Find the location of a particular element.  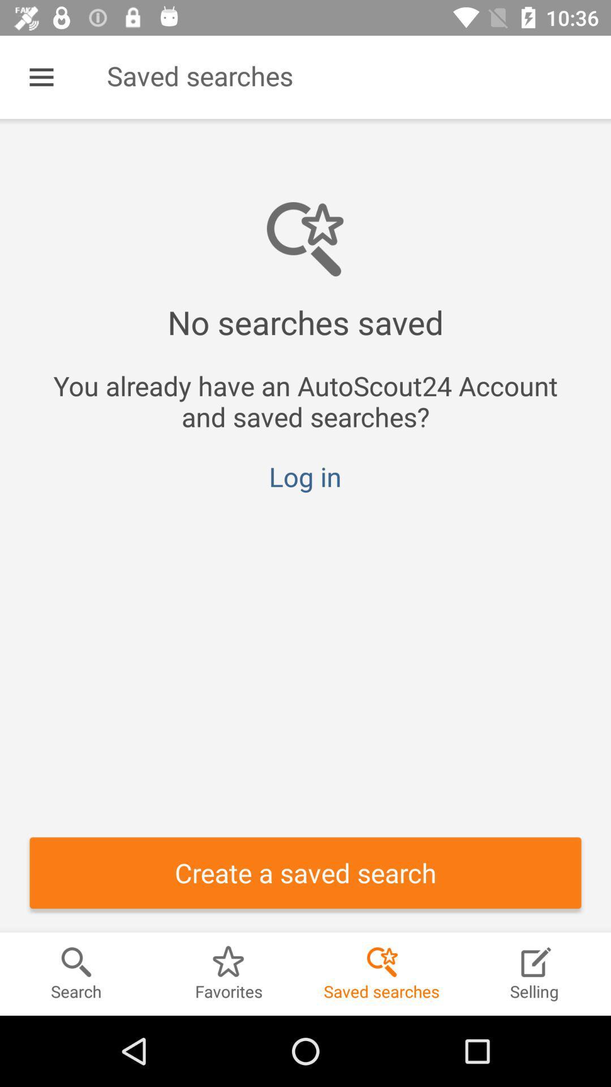

the item to the left of saved searches item is located at coordinates (41, 76).